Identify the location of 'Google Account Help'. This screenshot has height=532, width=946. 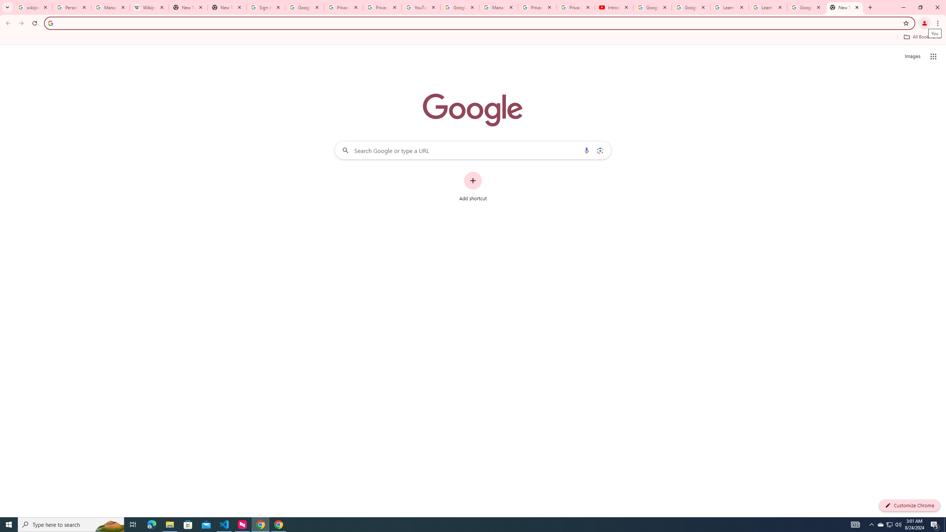
(652, 7).